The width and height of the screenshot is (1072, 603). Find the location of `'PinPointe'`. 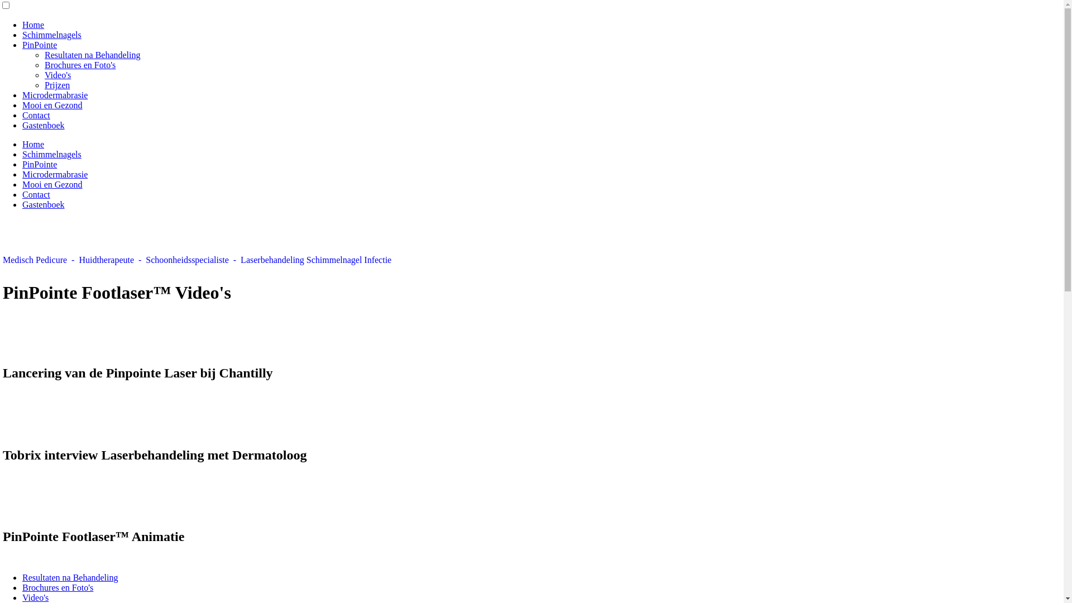

'PinPointe' is located at coordinates (40, 44).